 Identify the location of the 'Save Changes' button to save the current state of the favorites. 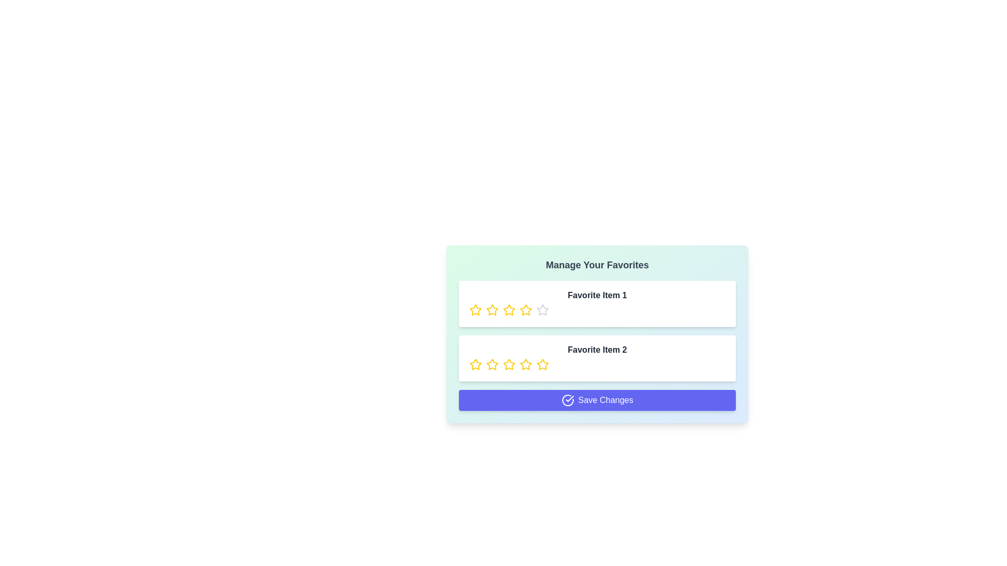
(597, 400).